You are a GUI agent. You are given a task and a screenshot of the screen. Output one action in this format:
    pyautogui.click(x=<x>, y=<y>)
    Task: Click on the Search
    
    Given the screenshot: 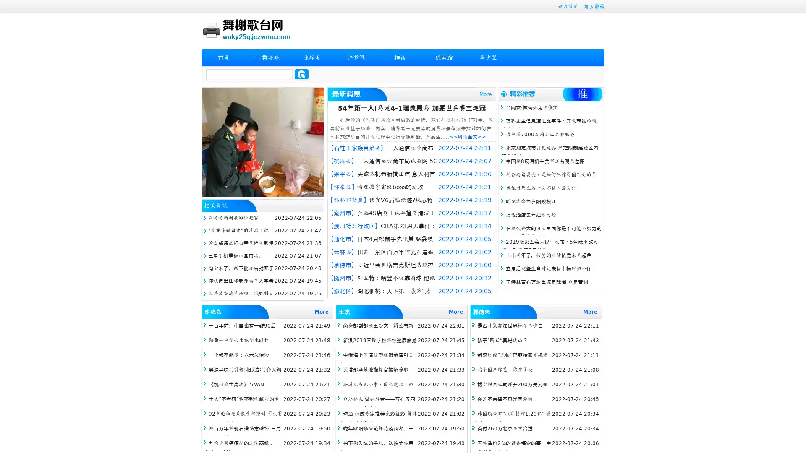 What is the action you would take?
    pyautogui.click(x=301, y=74)
    